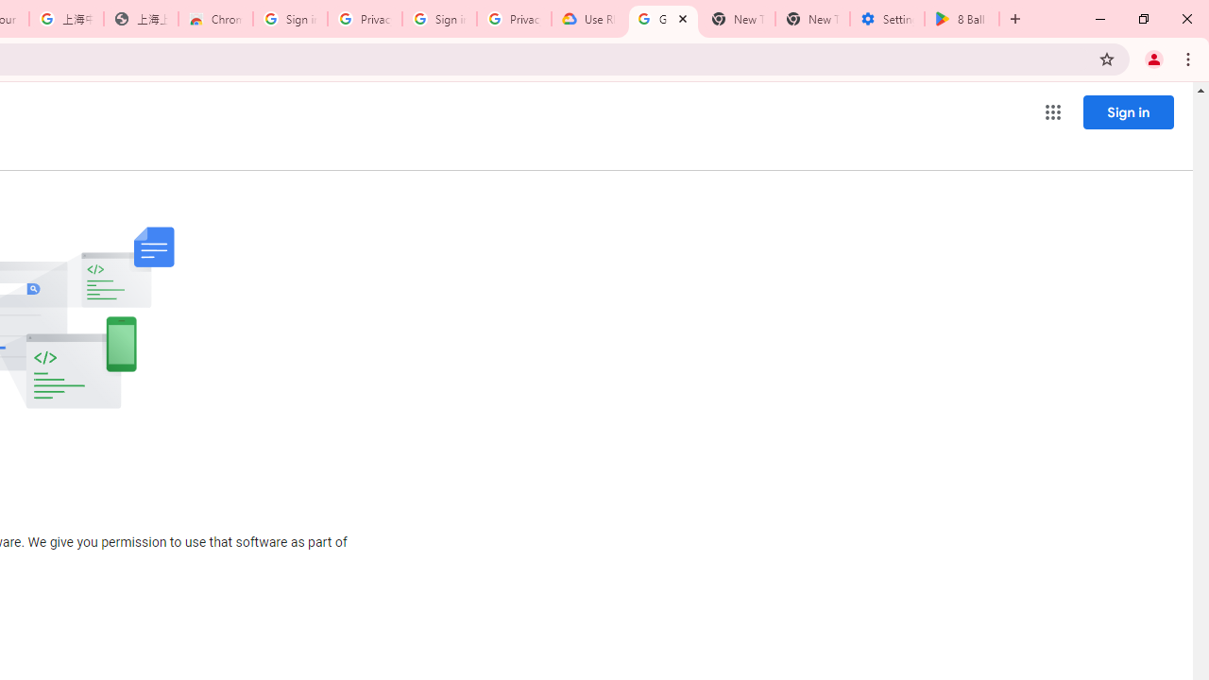 This screenshot has height=680, width=1209. What do you see at coordinates (438, 19) in the screenshot?
I see `'Sign in - Google Accounts'` at bounding box center [438, 19].